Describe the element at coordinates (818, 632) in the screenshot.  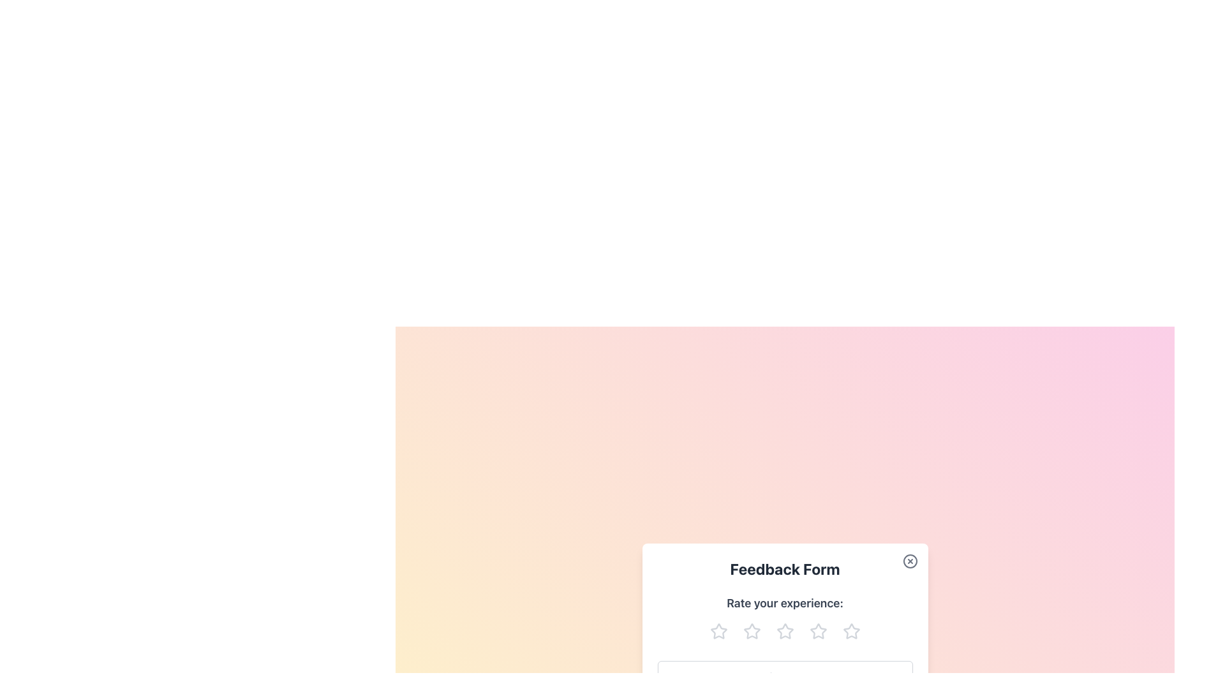
I see `the fifth Graphical Star Icon` at that location.